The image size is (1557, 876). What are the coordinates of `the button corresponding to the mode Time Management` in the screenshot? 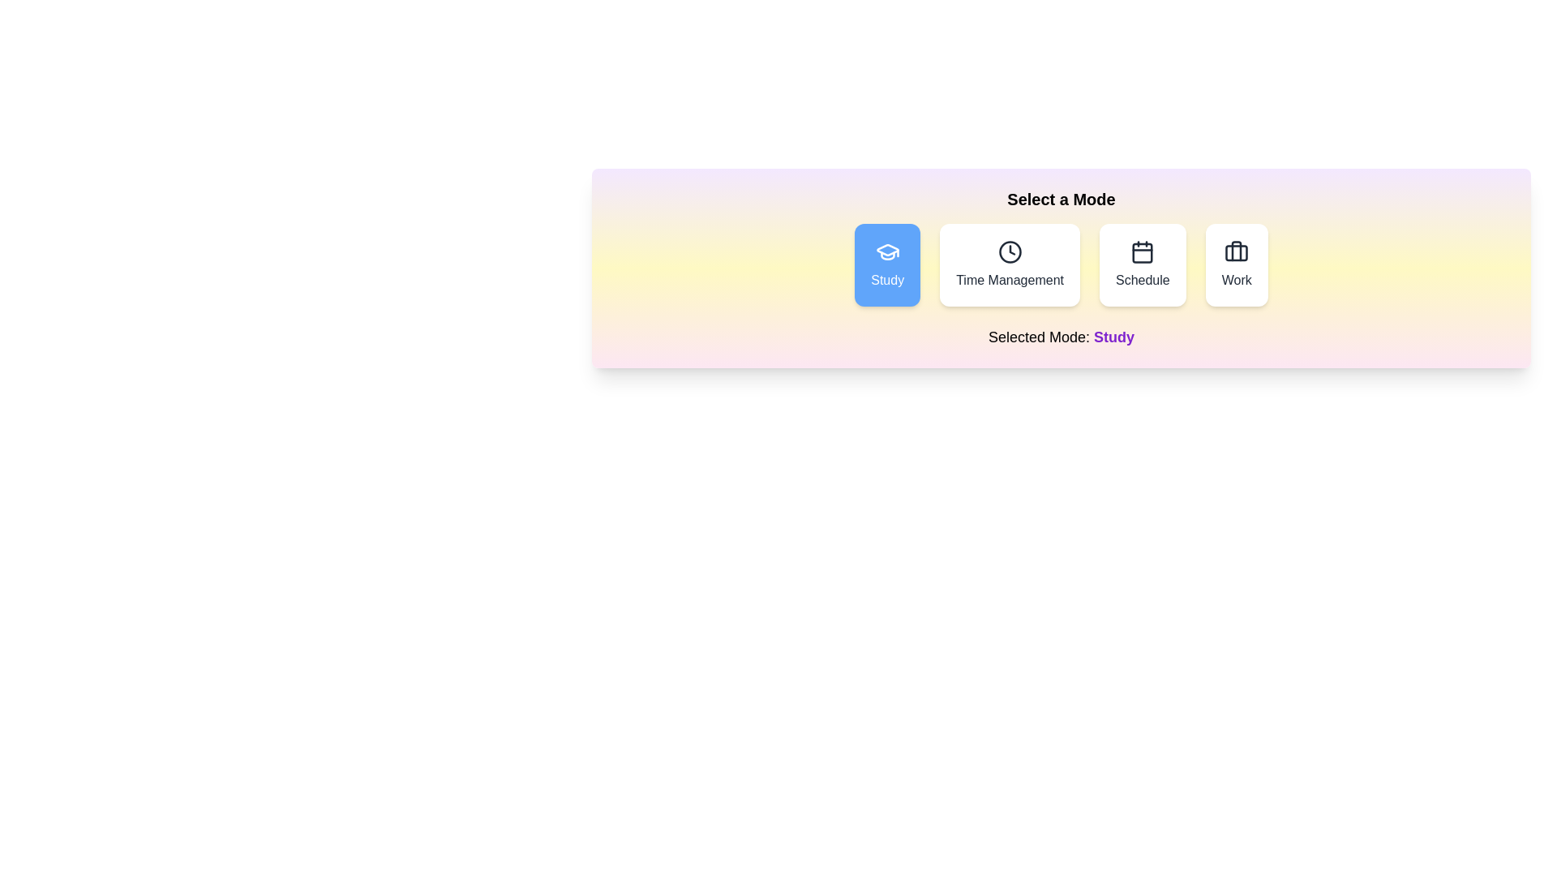 It's located at (1009, 264).